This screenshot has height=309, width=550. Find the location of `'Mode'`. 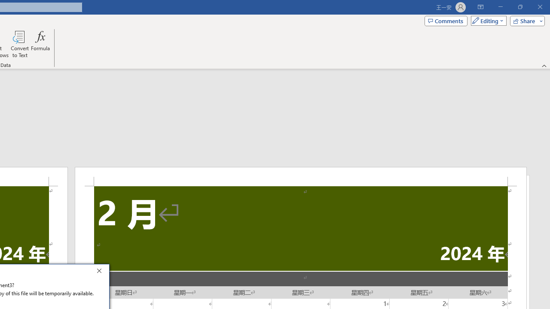

'Mode' is located at coordinates (487, 20).